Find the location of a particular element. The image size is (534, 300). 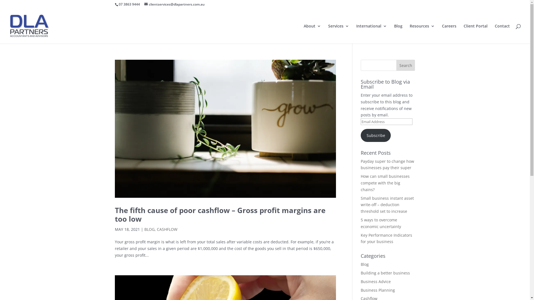

'BLOG' is located at coordinates (144, 229).